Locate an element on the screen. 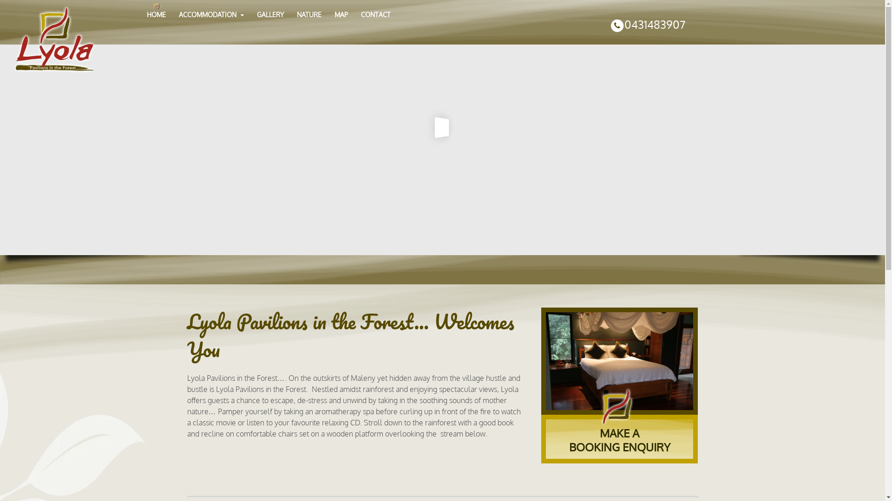 This screenshot has width=892, height=501. 'GALLERY' is located at coordinates (269, 15).